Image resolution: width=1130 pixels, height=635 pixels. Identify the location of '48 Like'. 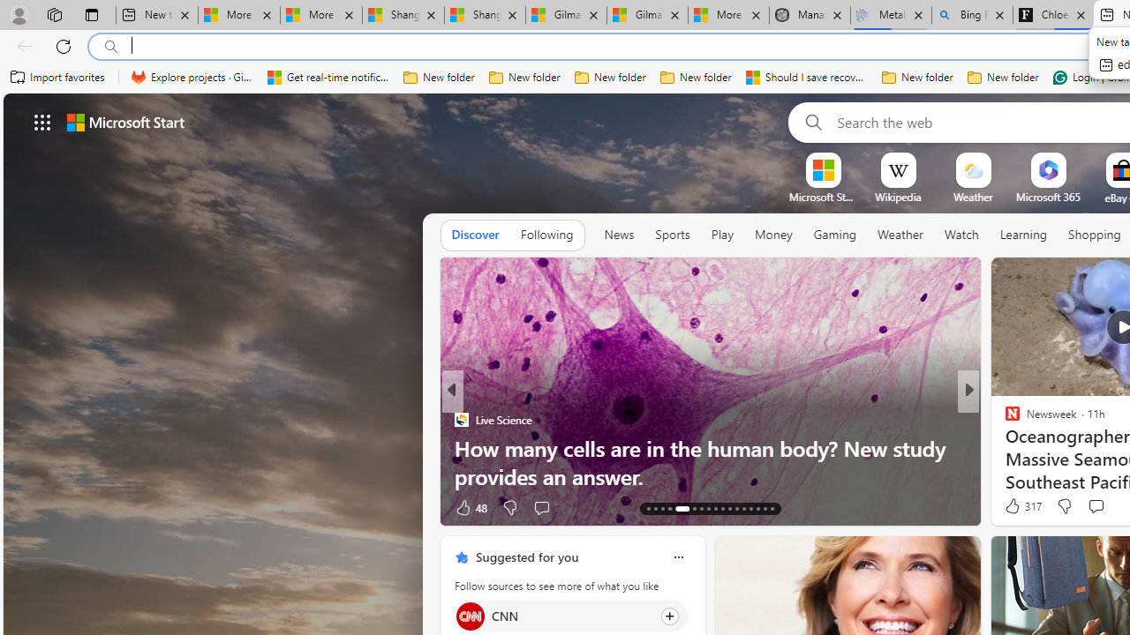
(471, 507).